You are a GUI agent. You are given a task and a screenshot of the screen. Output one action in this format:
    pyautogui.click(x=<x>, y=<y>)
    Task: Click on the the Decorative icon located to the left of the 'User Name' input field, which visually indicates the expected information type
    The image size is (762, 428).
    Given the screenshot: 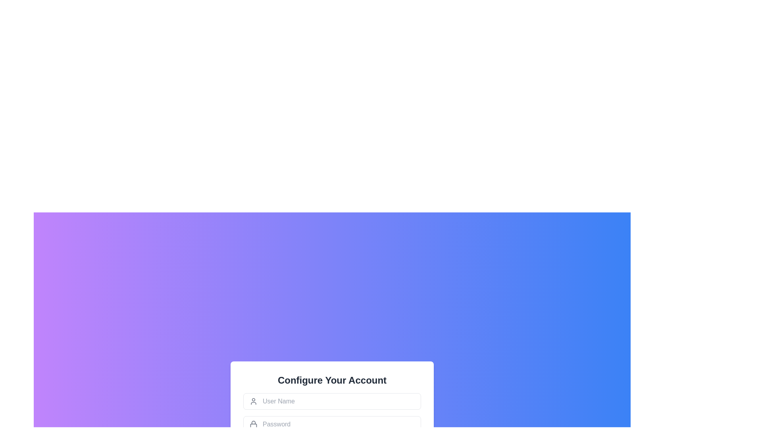 What is the action you would take?
    pyautogui.click(x=253, y=401)
    